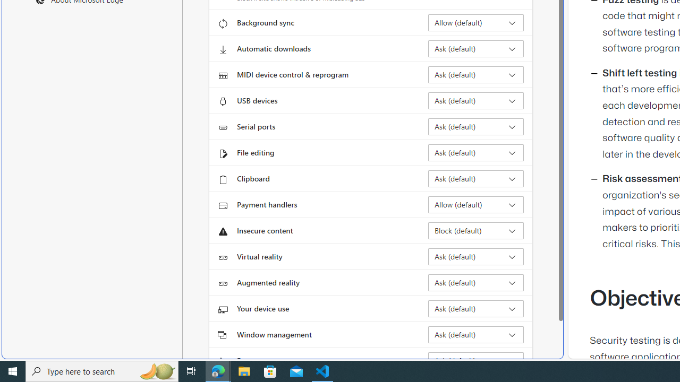 This screenshot has width=680, height=382. I want to click on 'Clipboard Ask (default)', so click(475, 178).